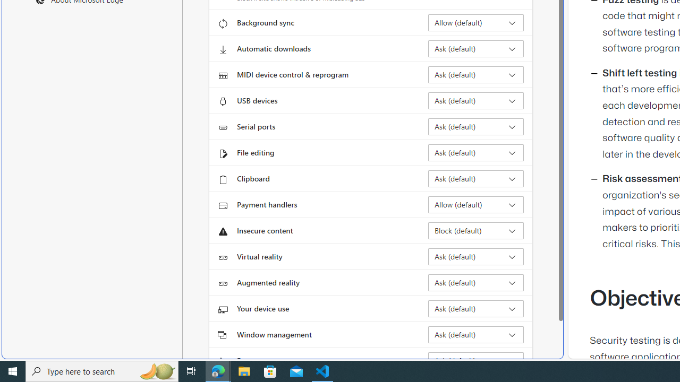 This screenshot has width=680, height=382. I want to click on 'Clipboard Ask (default)', so click(475, 178).